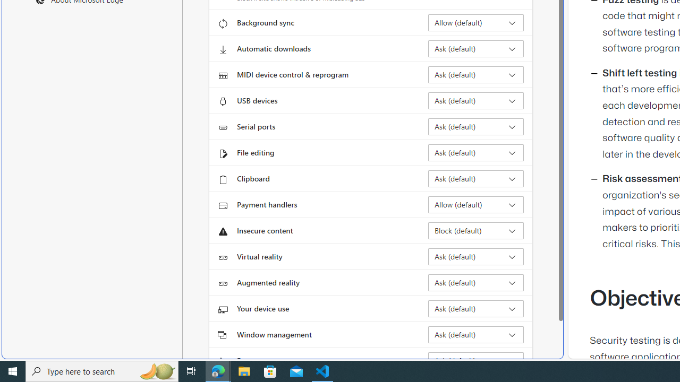 This screenshot has width=680, height=382. I want to click on 'Clipboard Ask (default)', so click(475, 178).